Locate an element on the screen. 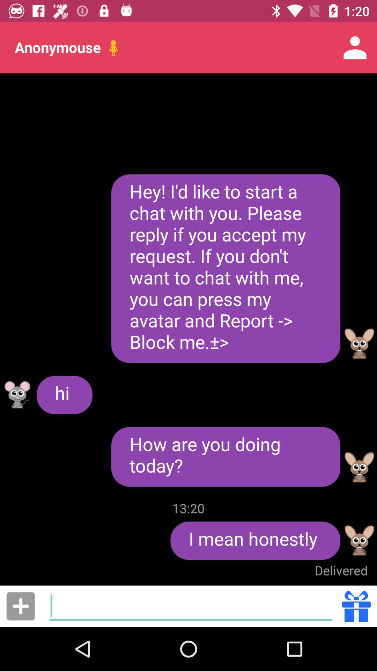  the how are you is located at coordinates (226, 457).